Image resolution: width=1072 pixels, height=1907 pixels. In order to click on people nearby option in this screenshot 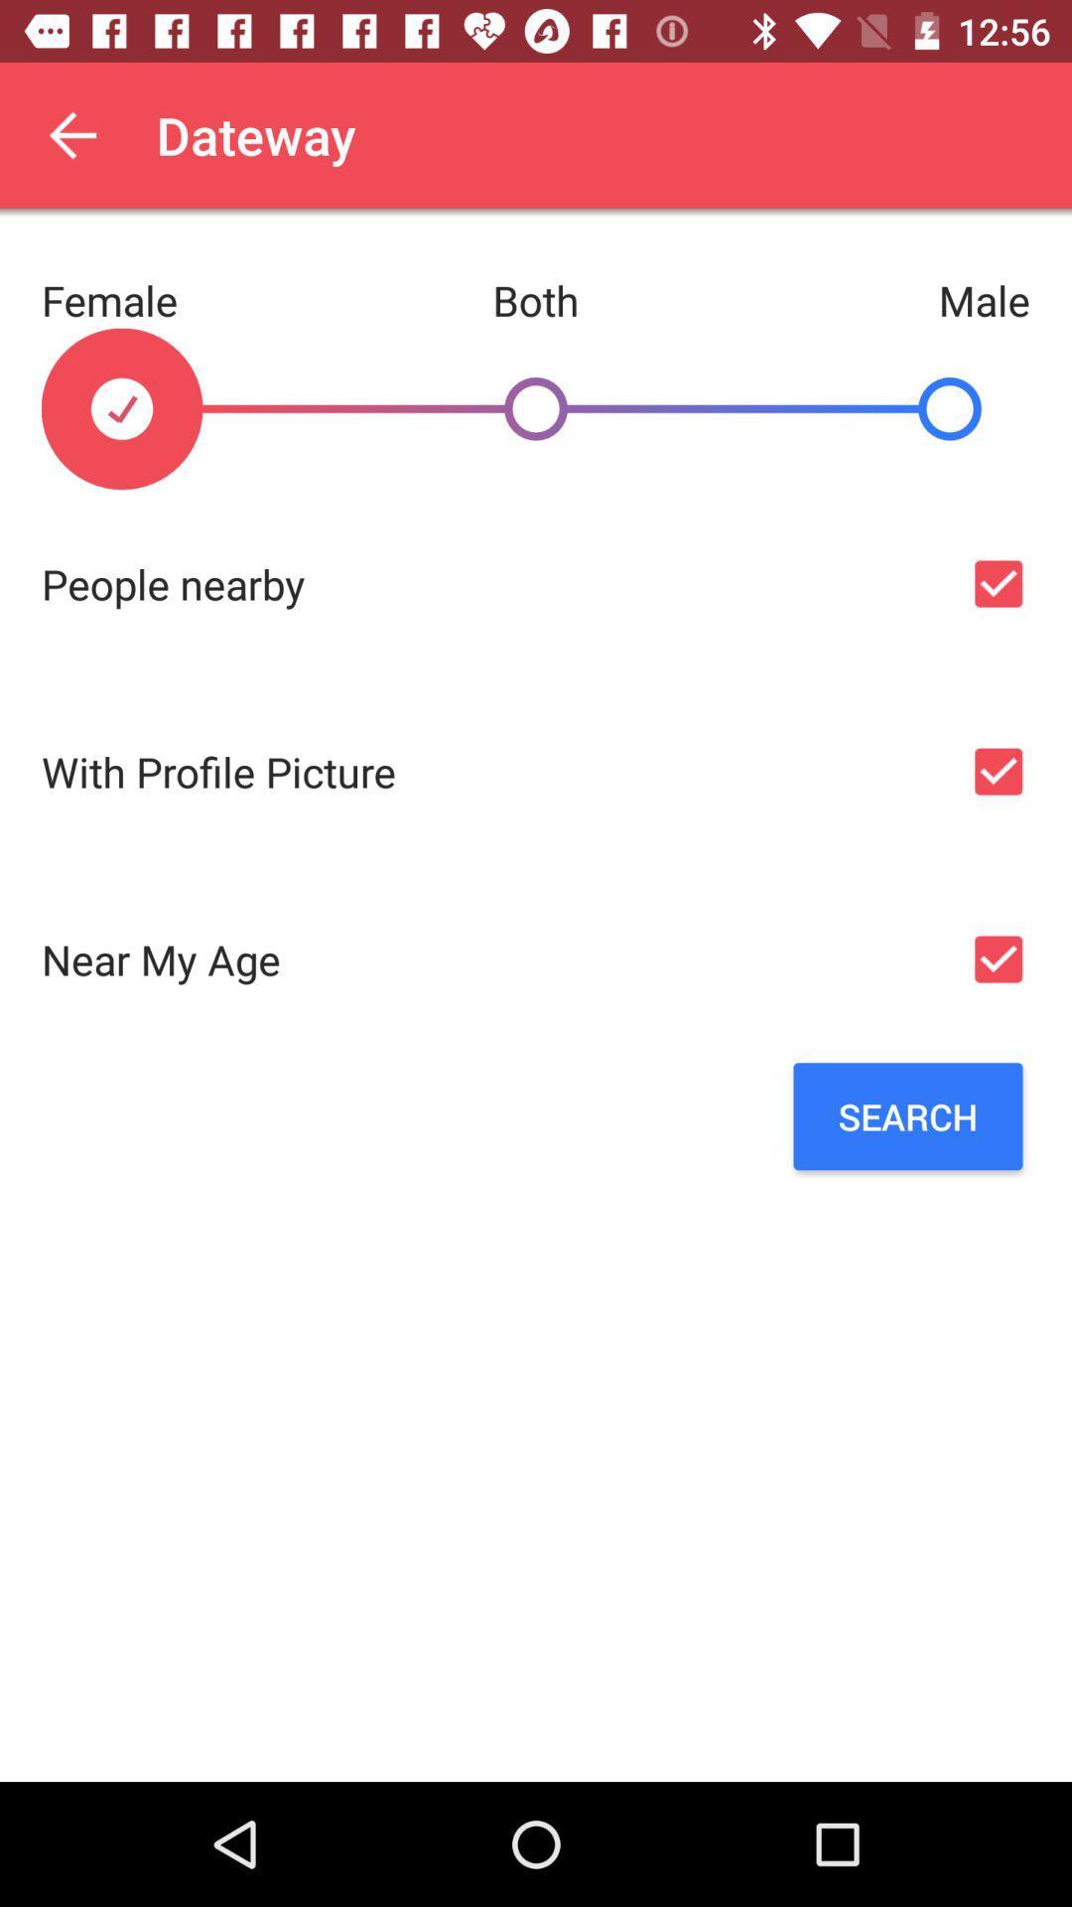, I will do `click(998, 583)`.